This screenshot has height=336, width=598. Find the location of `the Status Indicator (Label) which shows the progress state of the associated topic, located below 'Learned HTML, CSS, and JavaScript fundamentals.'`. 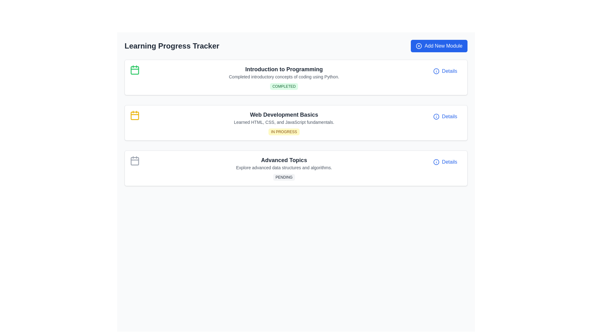

the Status Indicator (Label) which shows the progress state of the associated topic, located below 'Learned HTML, CSS, and JavaScript fundamentals.' is located at coordinates (284, 132).